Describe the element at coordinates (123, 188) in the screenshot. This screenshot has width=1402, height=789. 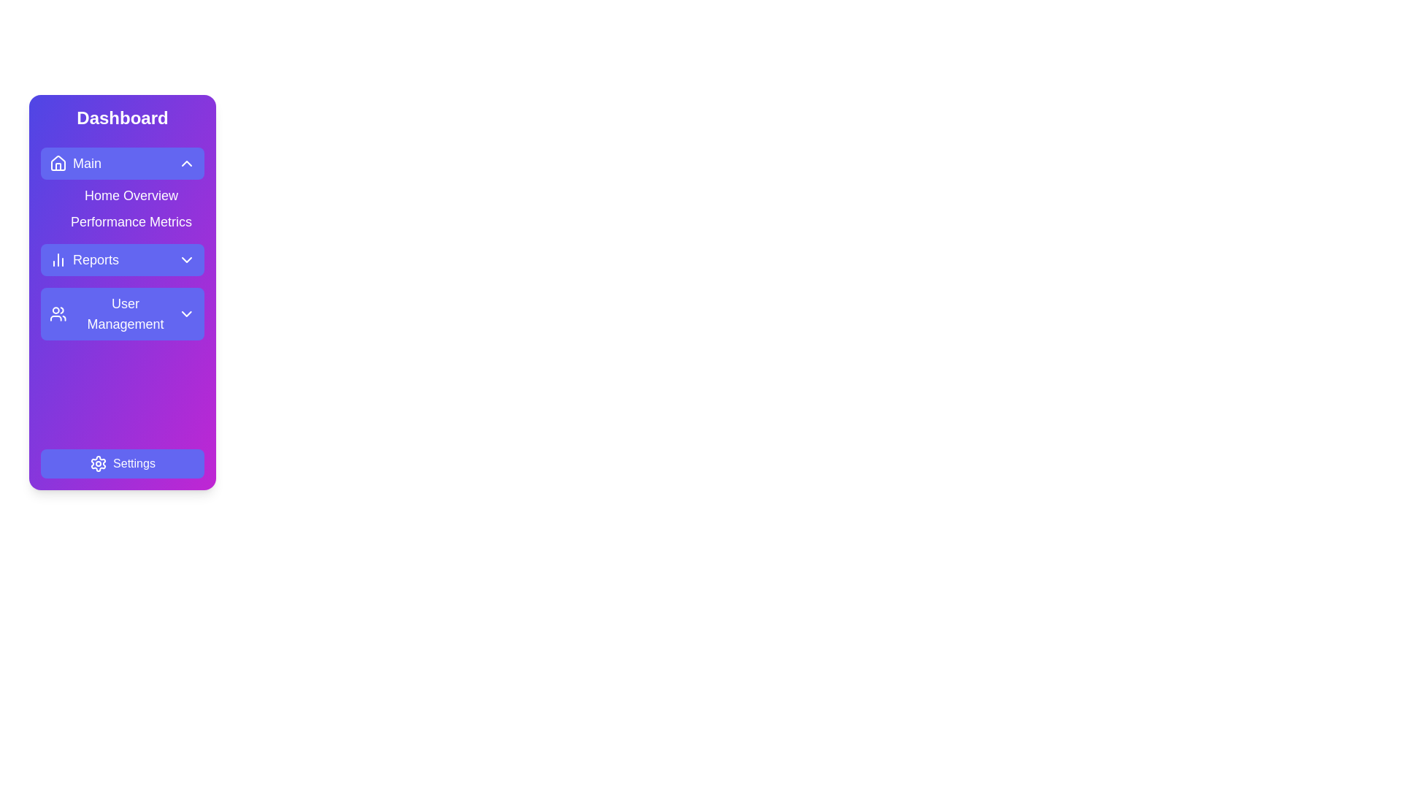
I see `the 'Home Overview' link in the sidebar menu directly below the 'Main' section` at that location.